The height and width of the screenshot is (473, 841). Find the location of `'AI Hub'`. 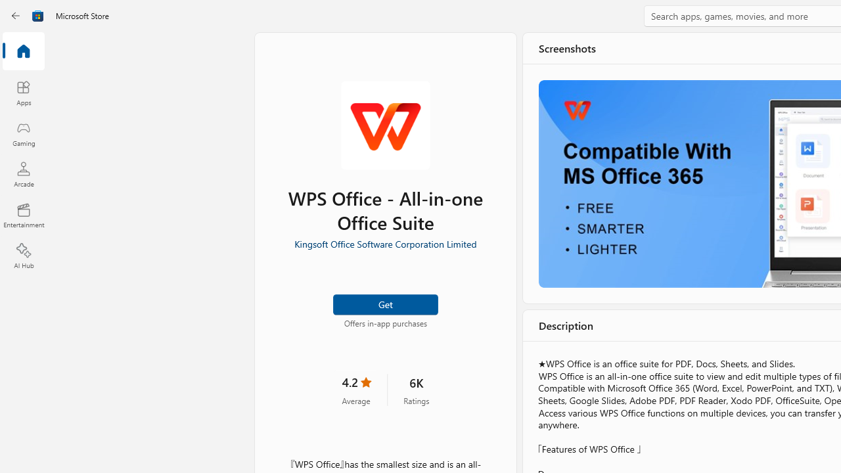

'AI Hub' is located at coordinates (23, 256).